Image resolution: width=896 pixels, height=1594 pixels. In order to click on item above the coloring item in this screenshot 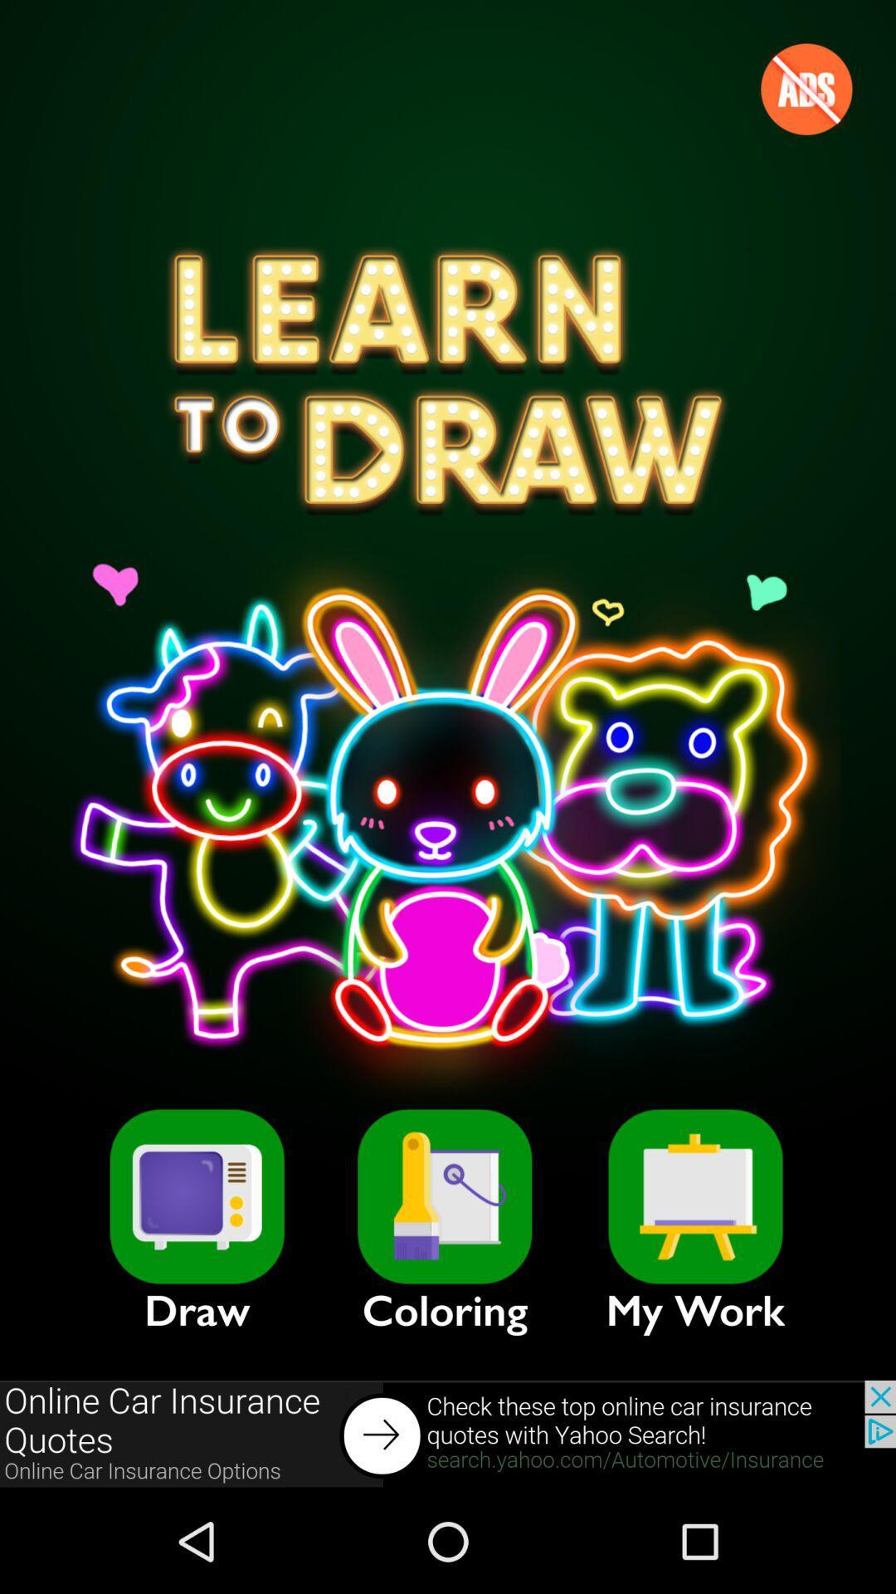, I will do `click(444, 1196)`.